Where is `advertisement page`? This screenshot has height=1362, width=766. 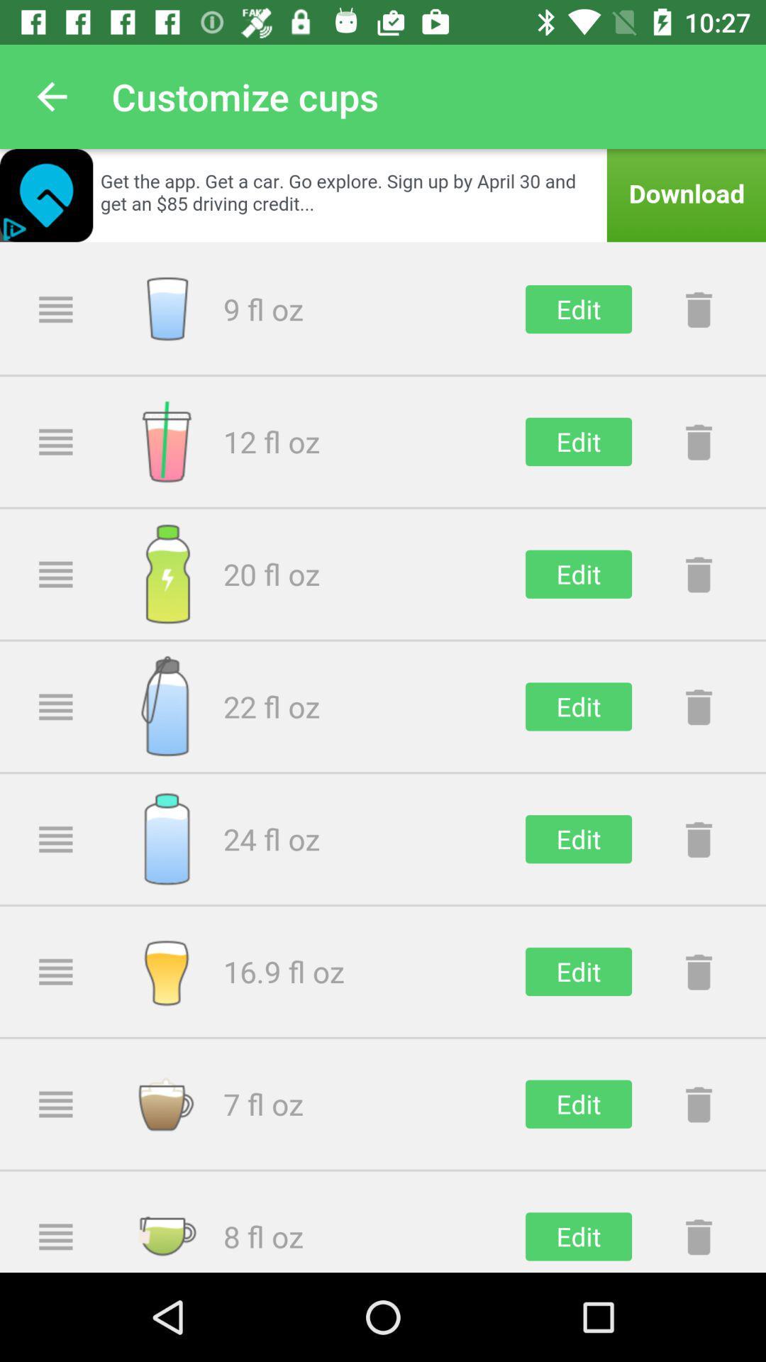
advertisement page is located at coordinates (383, 194).